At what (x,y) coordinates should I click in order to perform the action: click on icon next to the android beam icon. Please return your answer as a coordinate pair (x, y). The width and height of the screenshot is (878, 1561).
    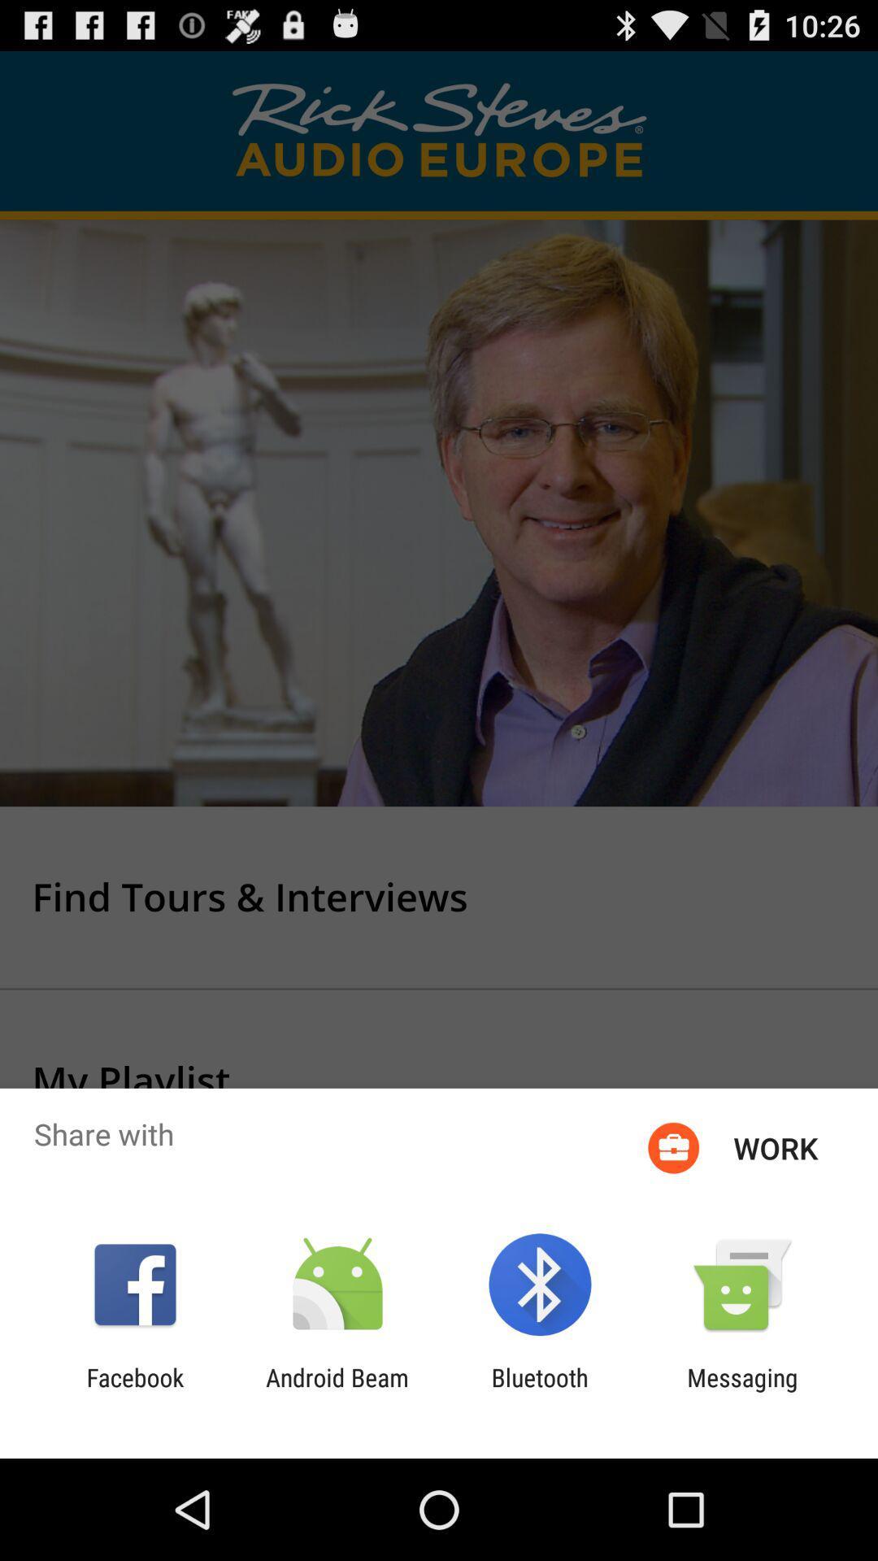
    Looking at the image, I should click on (540, 1391).